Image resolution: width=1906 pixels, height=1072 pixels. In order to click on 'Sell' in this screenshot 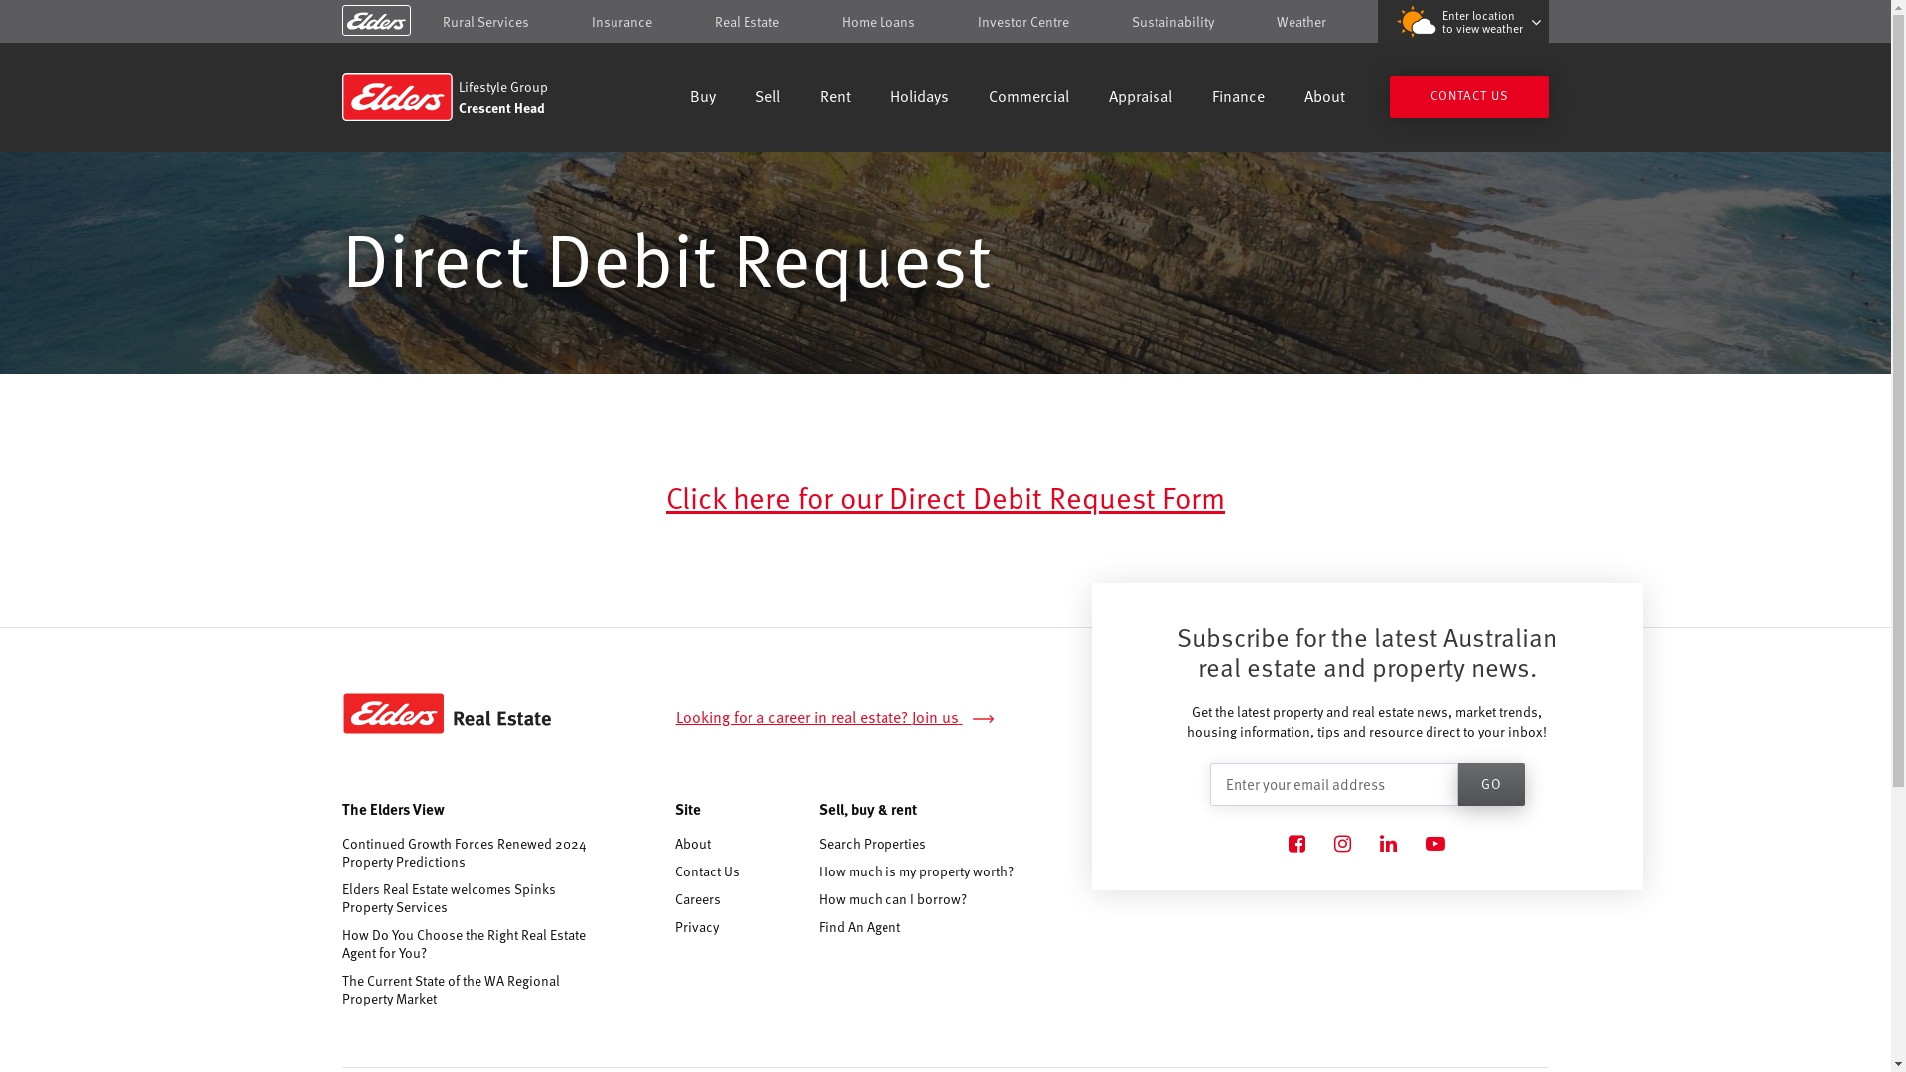, I will do `click(754, 98)`.